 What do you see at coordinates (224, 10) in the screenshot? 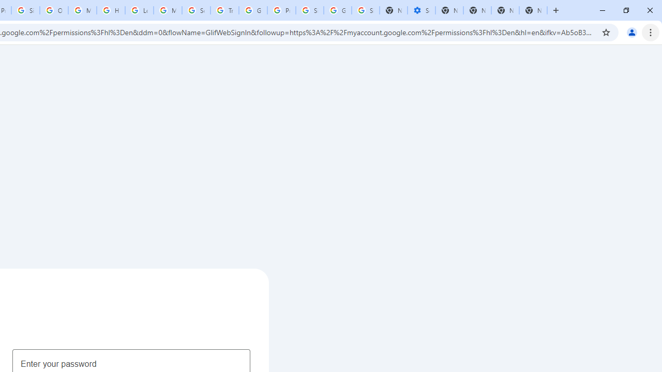
I see `'Trusted Information and Content - Google Safety Center'` at bounding box center [224, 10].